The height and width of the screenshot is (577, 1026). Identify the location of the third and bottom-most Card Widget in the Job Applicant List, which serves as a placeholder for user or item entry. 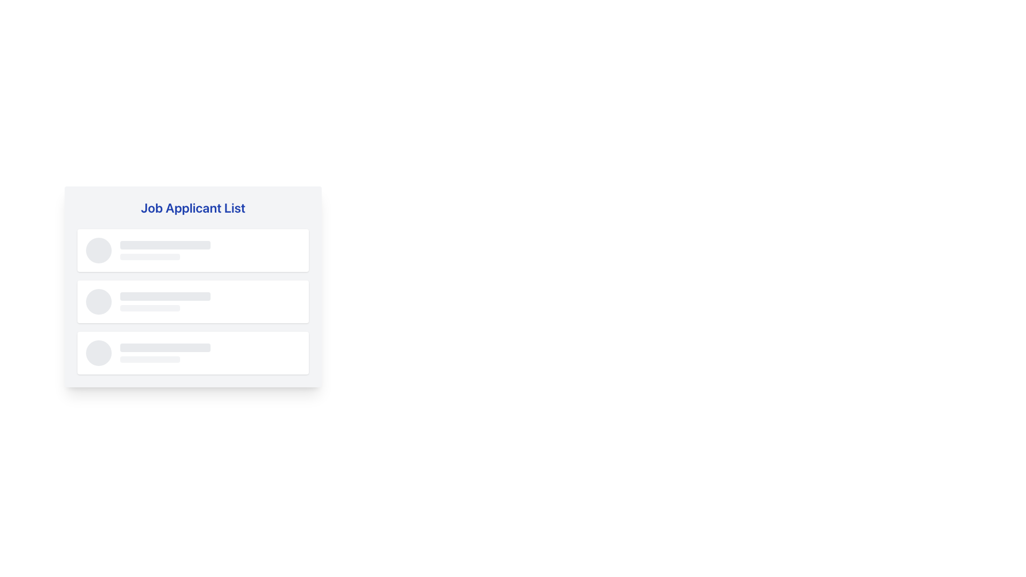
(193, 353).